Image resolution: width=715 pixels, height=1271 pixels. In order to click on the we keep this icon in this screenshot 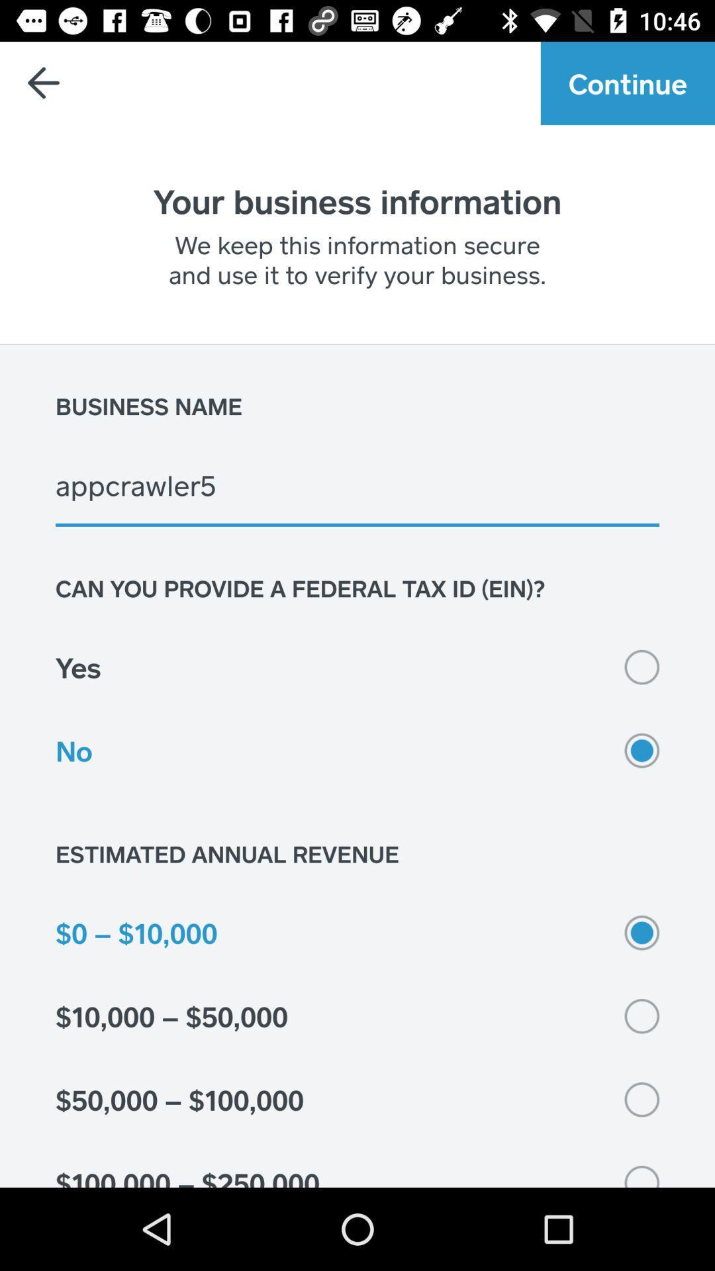, I will do `click(358, 259)`.